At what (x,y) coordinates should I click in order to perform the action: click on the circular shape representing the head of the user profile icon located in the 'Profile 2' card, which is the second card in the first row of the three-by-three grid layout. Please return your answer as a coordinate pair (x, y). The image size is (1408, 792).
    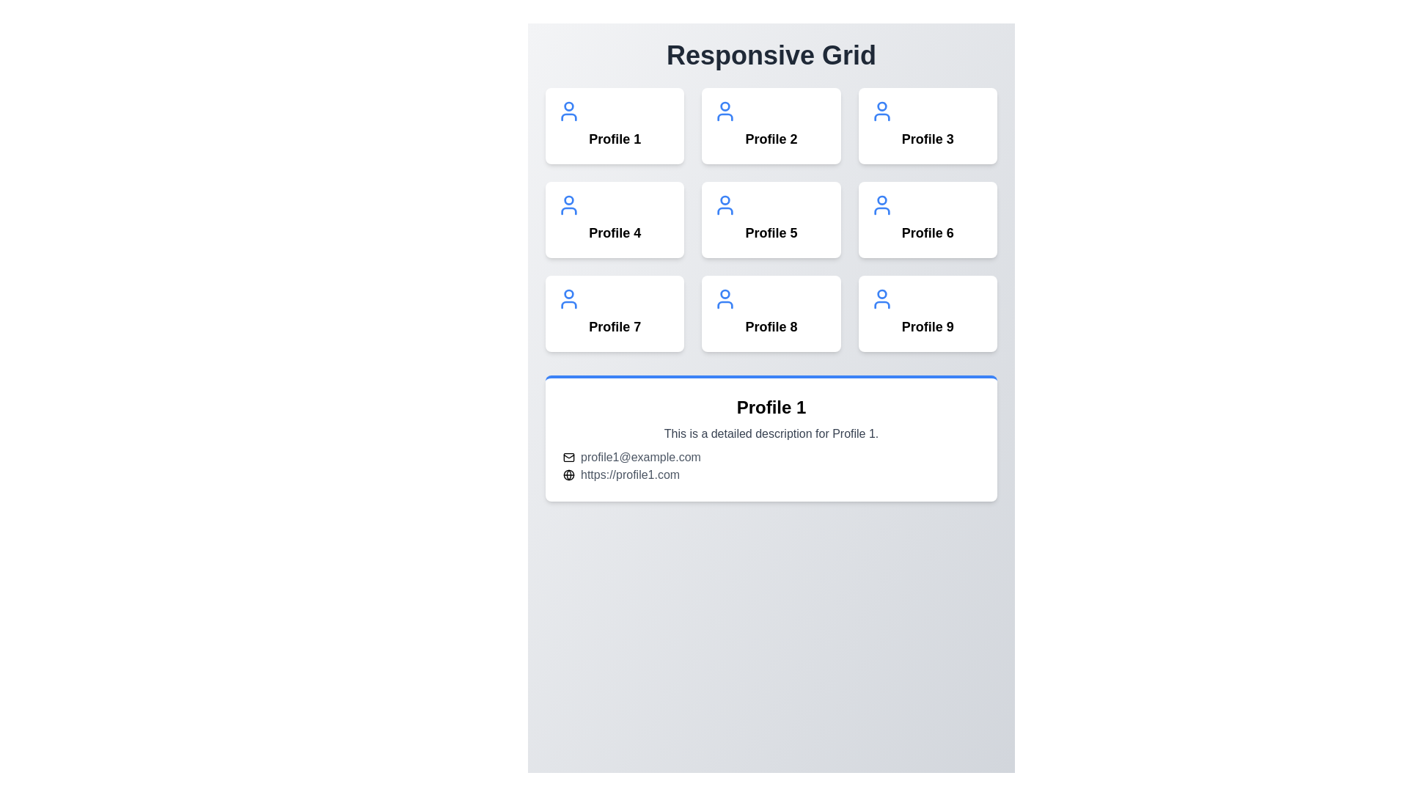
    Looking at the image, I should click on (725, 106).